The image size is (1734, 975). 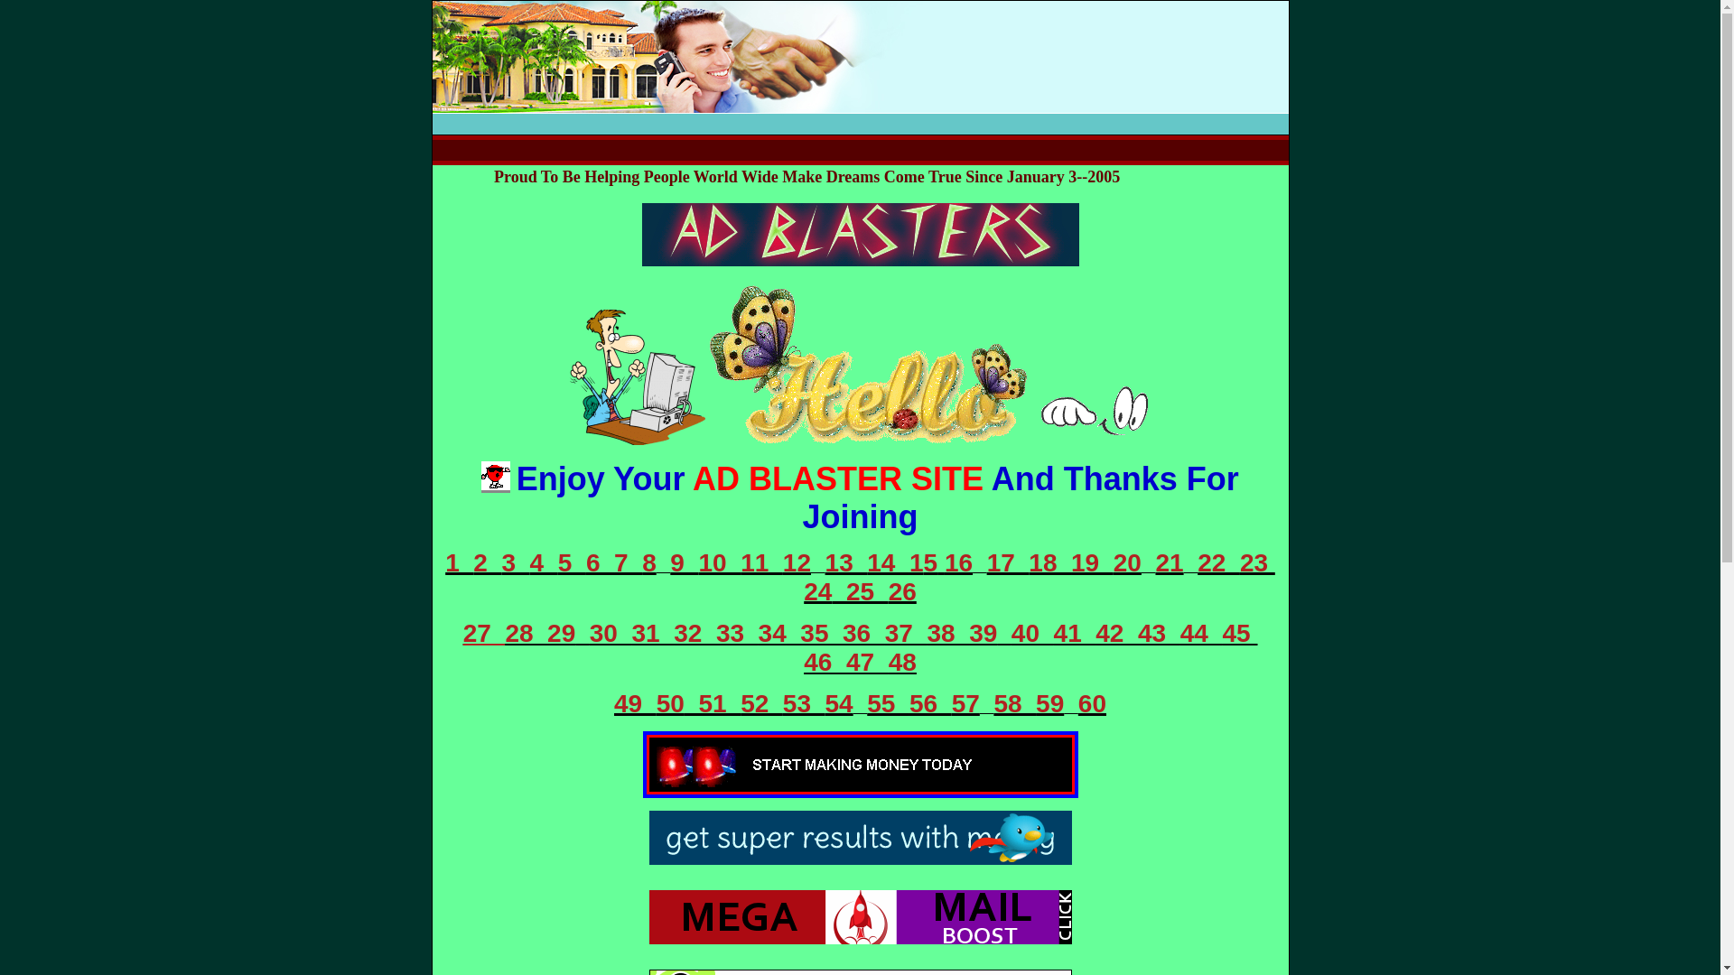 I want to click on '59', so click(x=1049, y=702).